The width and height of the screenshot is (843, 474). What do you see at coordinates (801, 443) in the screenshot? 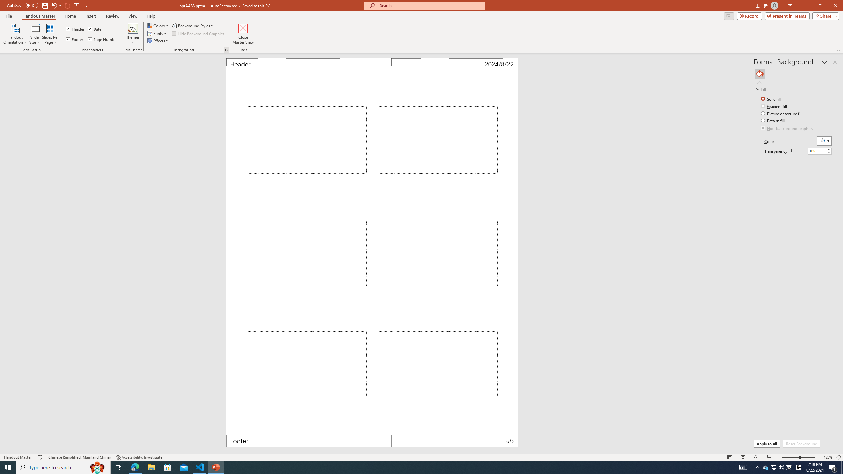
I see `'Reset Background'` at bounding box center [801, 443].